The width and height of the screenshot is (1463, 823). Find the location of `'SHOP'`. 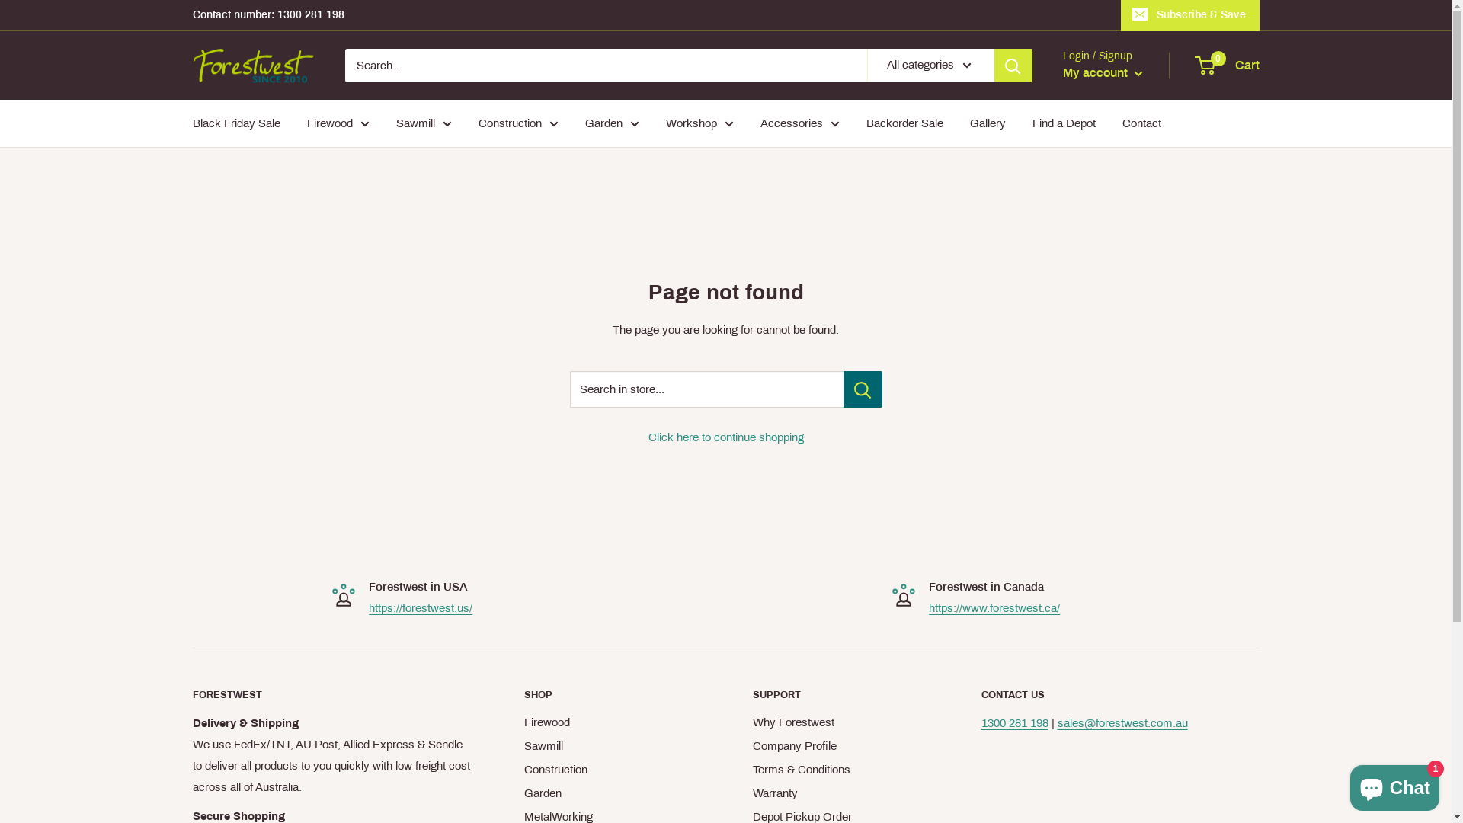

'SHOP' is located at coordinates (611, 694).